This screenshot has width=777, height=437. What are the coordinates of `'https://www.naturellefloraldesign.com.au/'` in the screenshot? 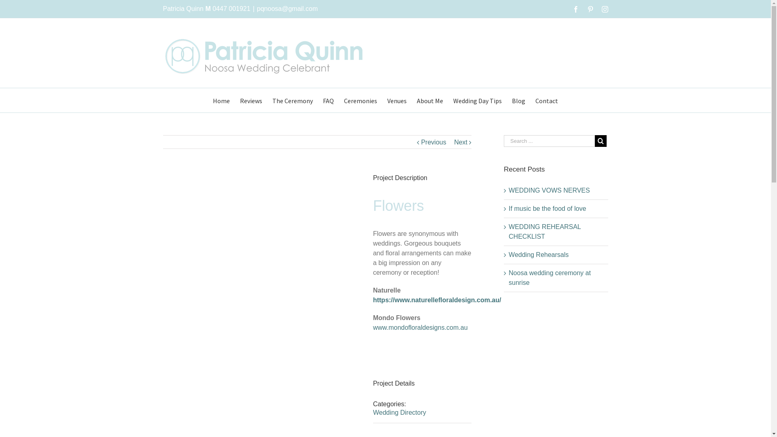 It's located at (437, 300).